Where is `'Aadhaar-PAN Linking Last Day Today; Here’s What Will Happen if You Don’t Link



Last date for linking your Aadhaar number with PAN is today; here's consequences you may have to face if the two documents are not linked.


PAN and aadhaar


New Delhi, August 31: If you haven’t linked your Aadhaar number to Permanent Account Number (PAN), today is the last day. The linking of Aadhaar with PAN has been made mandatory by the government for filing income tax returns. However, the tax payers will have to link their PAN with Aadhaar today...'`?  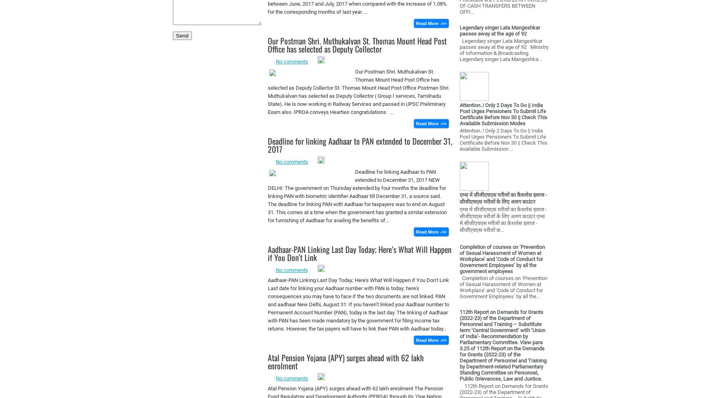
'Aadhaar-PAN Linking Last Day Today; Here’s What Will Happen if You Don’t Link



Last date for linking your Aadhaar number with PAN is today; here's consequences you may have to face if the two documents are not linked.


PAN and aadhaar


New Delhi, August 31: If you haven’t linked your Aadhaar number to Permanent Account Number (PAN), today is the last day. The linking of Aadhaar with PAN has been made mandatory by the government for filing income tax returns. However, the tax payers will have to link their PAN with Aadhaar today...' is located at coordinates (358, 304).